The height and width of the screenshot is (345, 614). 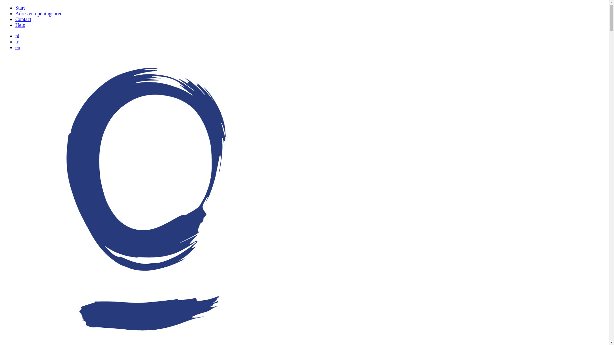 I want to click on 'en', so click(x=18, y=47).